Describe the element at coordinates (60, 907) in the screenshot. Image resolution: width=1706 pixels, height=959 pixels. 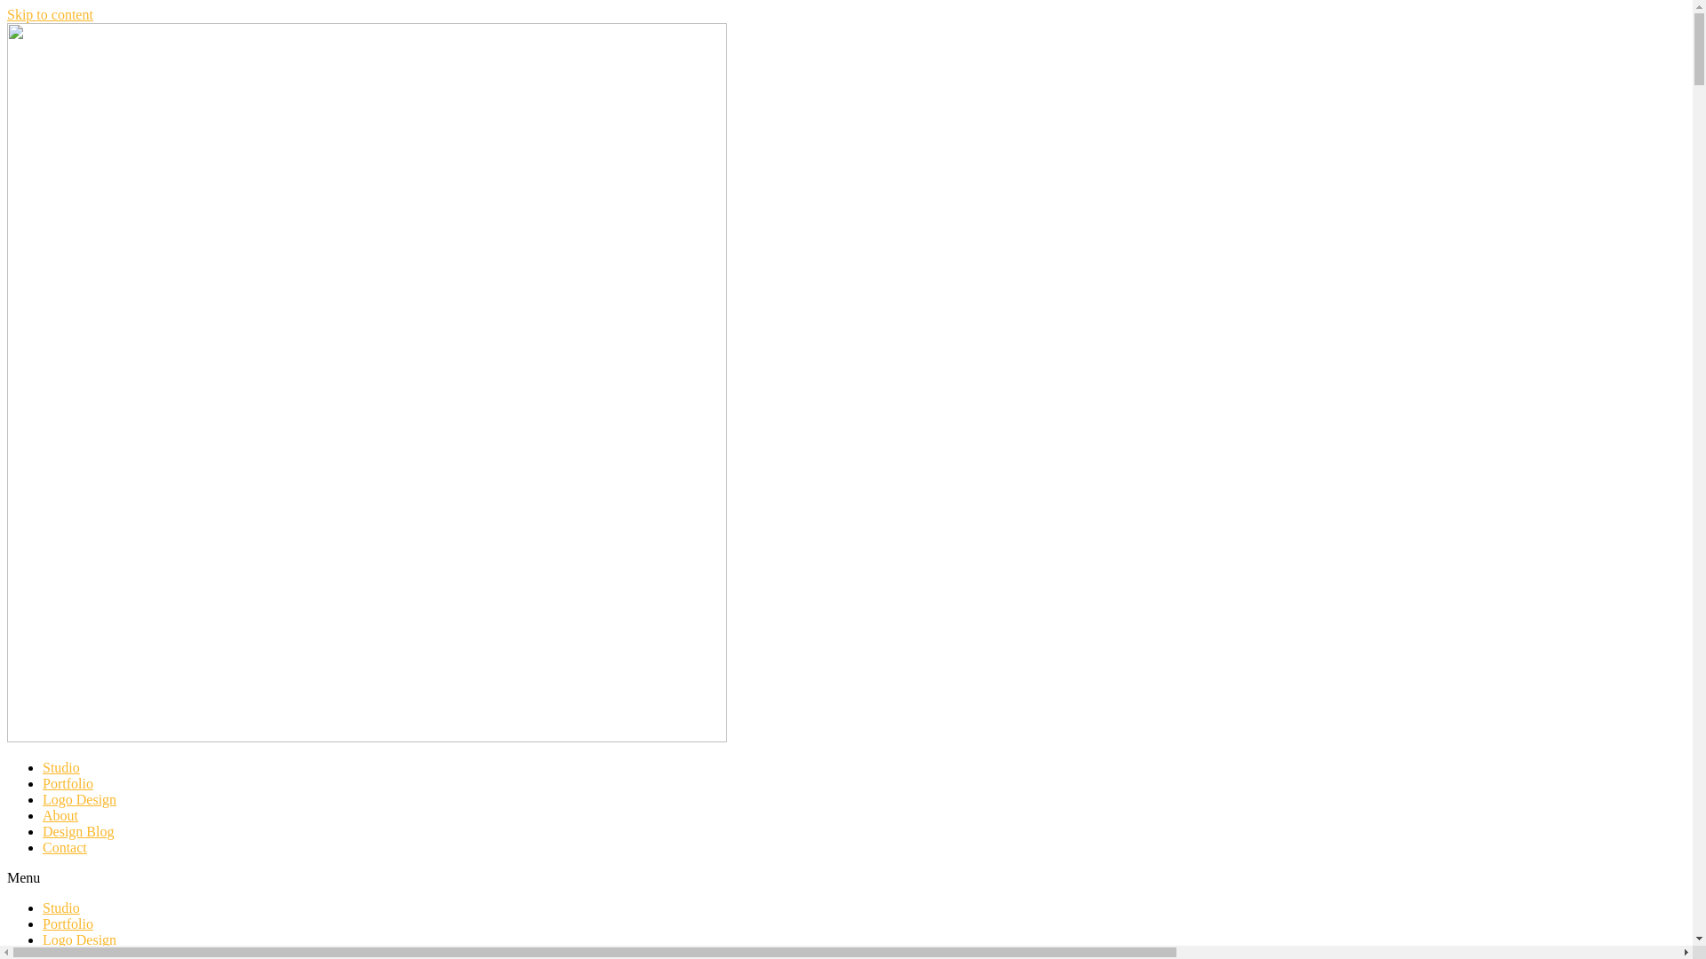
I see `'Studio'` at that location.